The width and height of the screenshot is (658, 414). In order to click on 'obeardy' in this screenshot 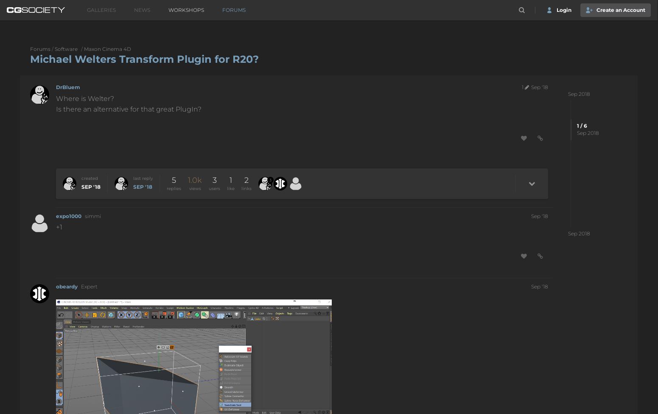, I will do `click(56, 285)`.